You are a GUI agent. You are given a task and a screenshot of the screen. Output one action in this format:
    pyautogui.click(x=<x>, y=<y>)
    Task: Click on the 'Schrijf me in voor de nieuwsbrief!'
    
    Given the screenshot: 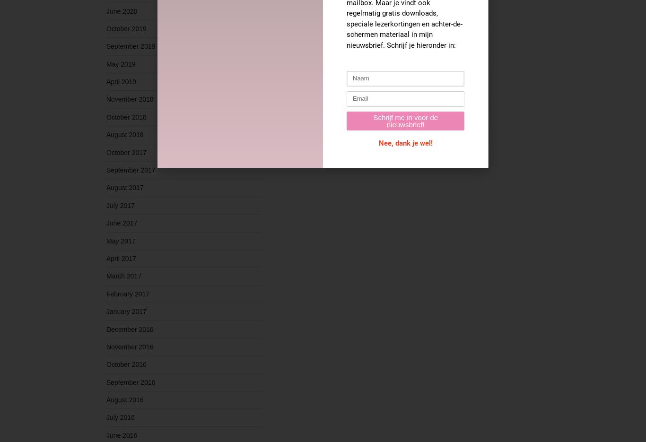 What is the action you would take?
    pyautogui.click(x=405, y=120)
    